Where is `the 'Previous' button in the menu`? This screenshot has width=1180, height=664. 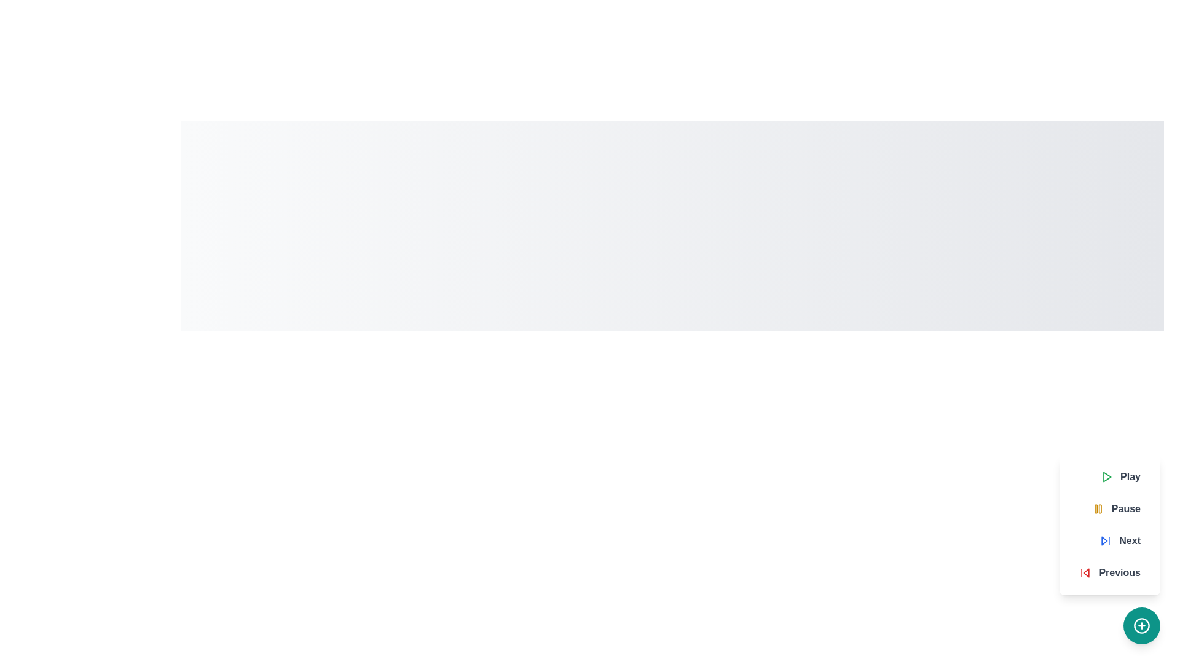
the 'Previous' button in the menu is located at coordinates (1109, 573).